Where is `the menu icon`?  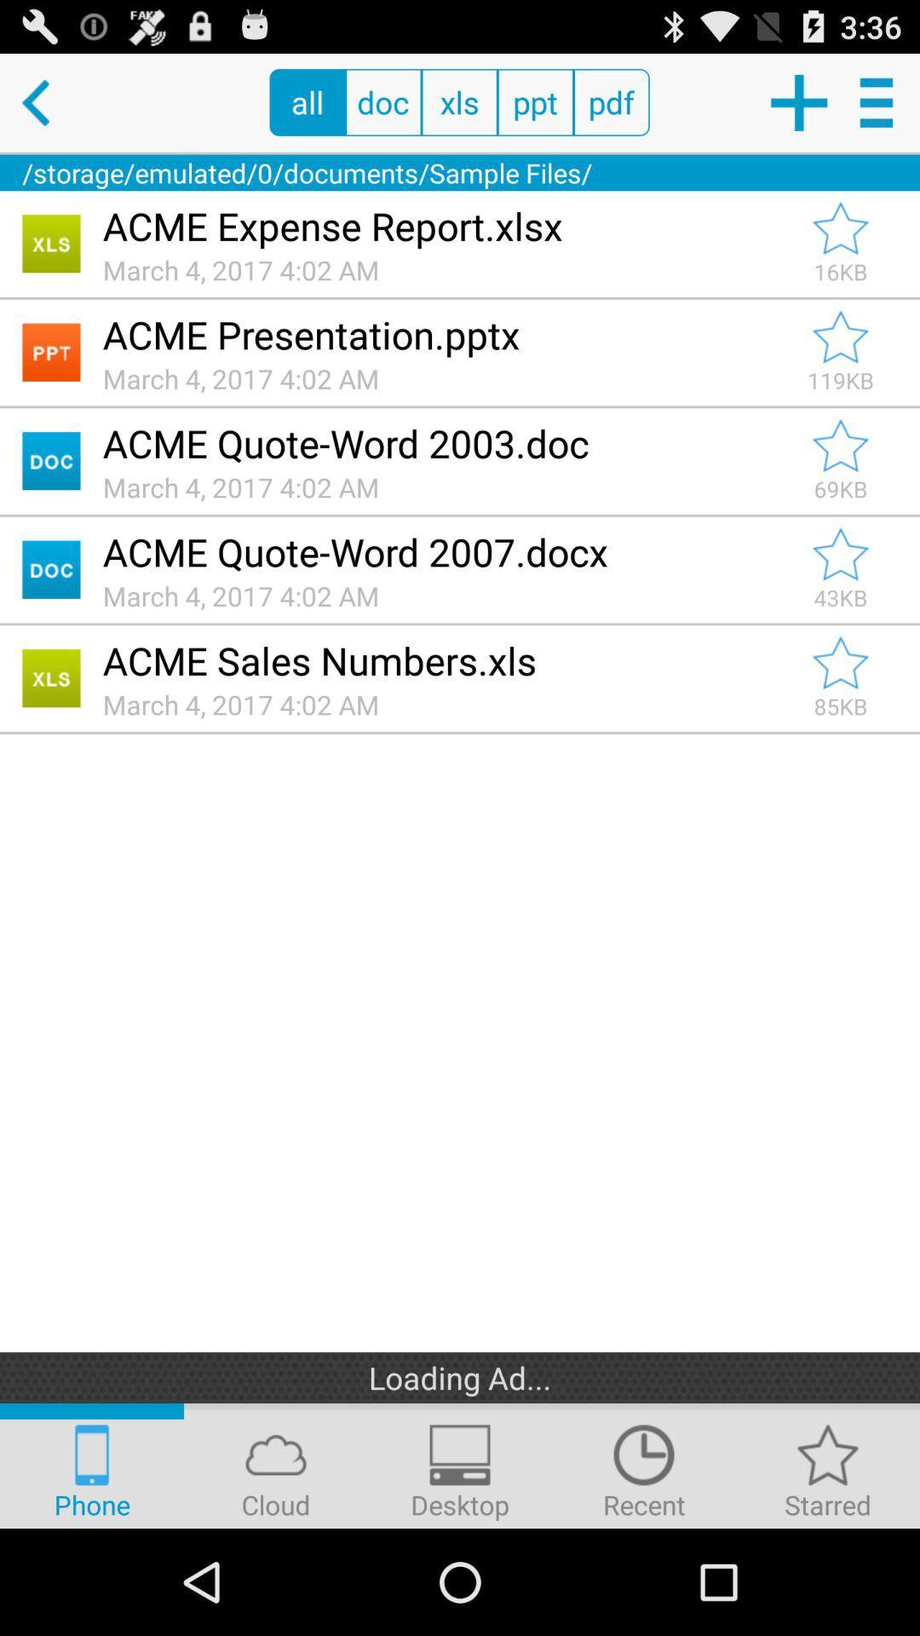 the menu icon is located at coordinates (879, 109).